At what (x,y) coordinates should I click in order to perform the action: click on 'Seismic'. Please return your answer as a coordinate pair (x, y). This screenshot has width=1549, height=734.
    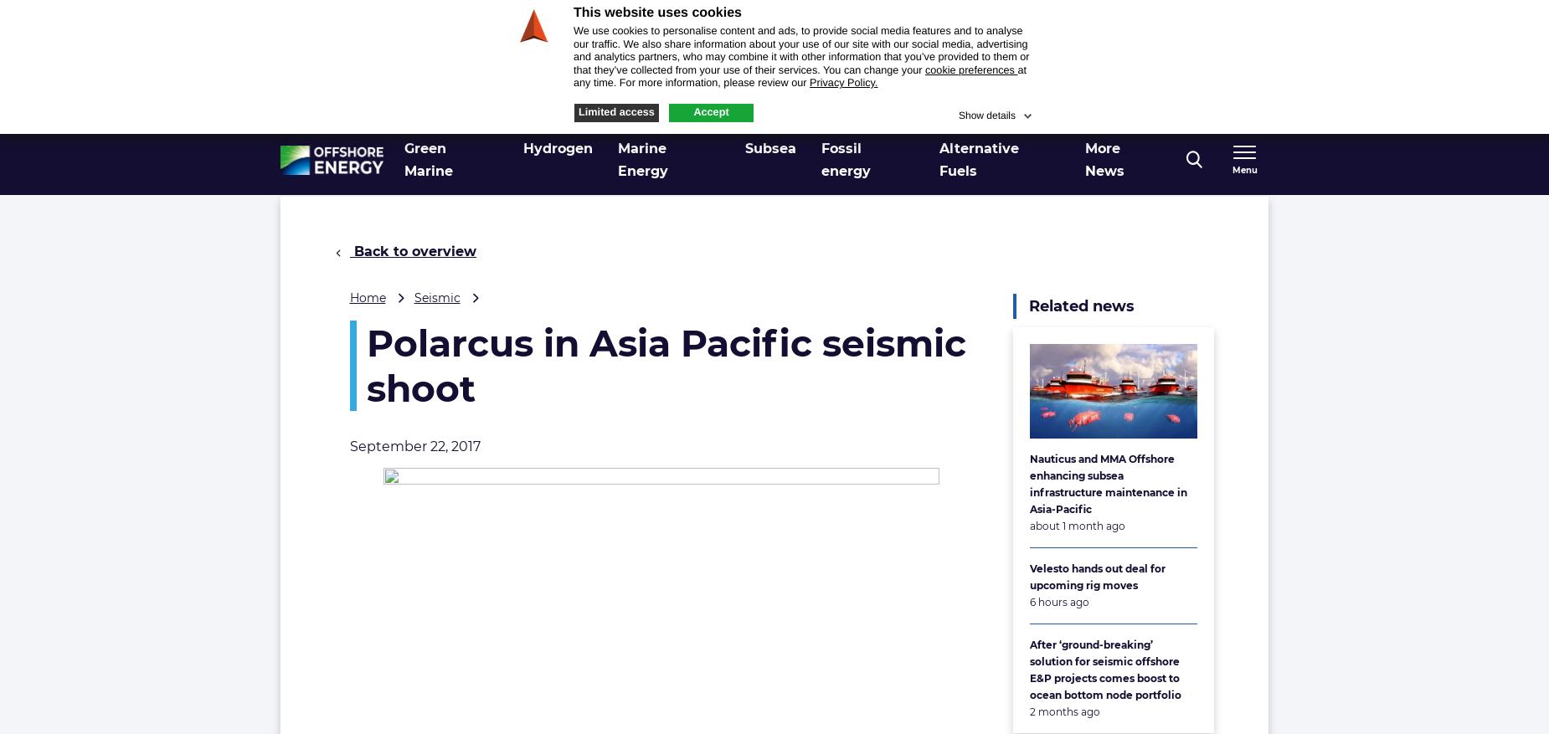
    Looking at the image, I should click on (436, 297).